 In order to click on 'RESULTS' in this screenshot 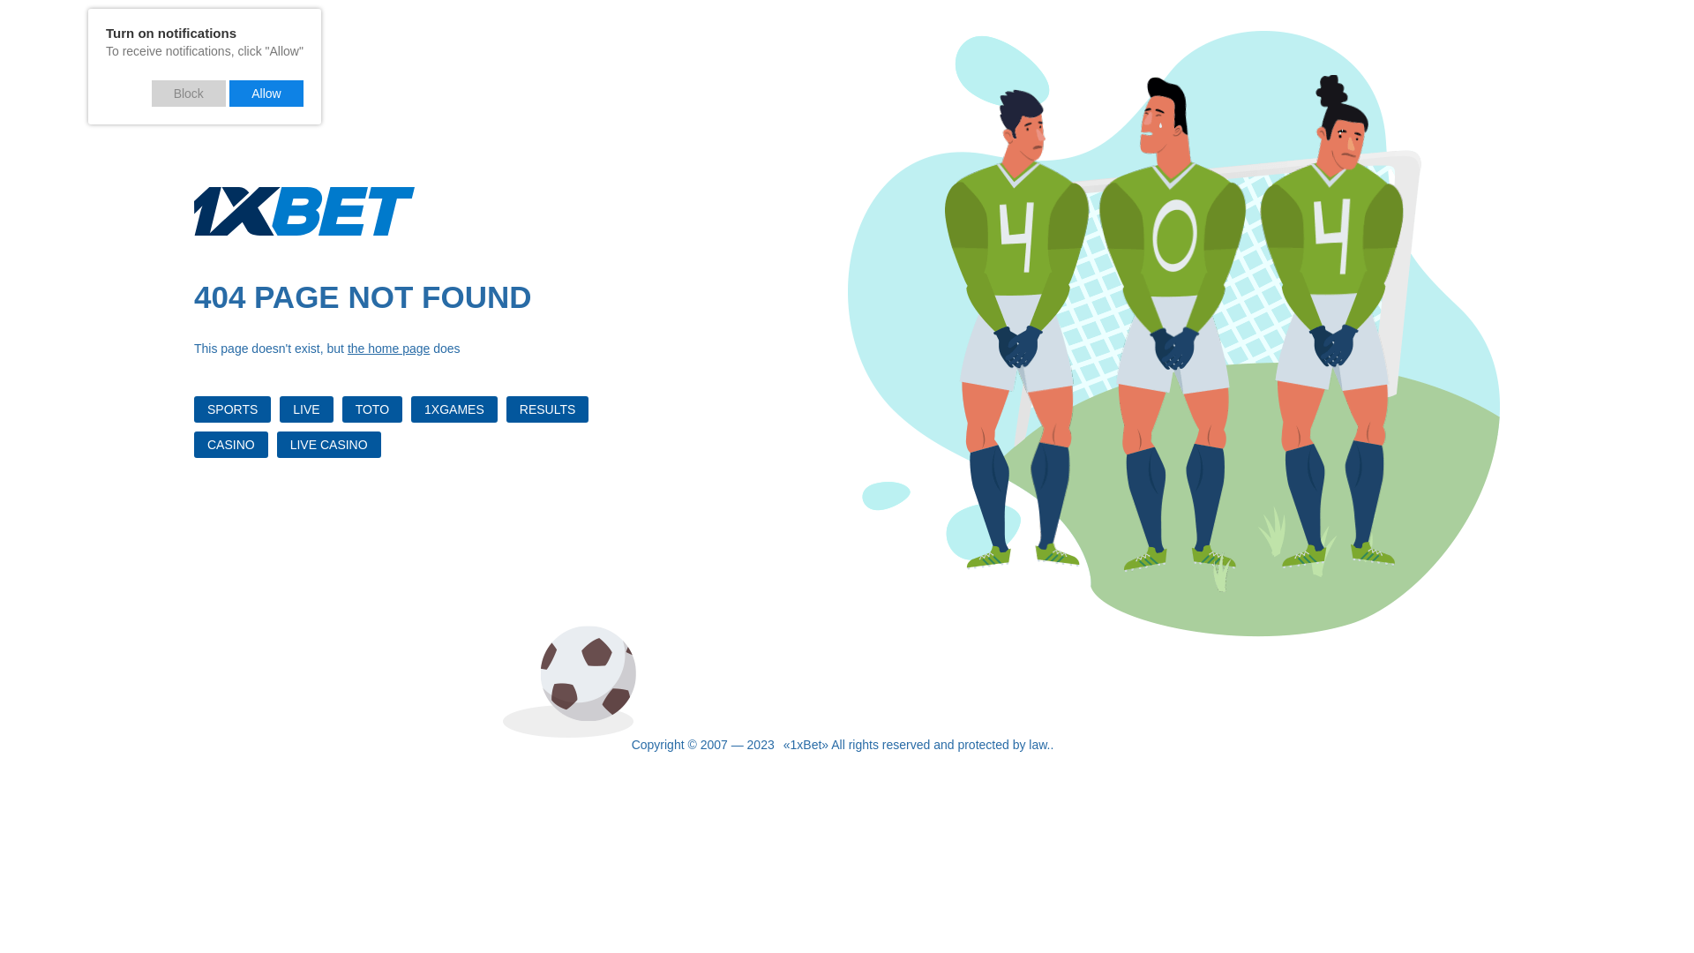, I will do `click(546, 409)`.